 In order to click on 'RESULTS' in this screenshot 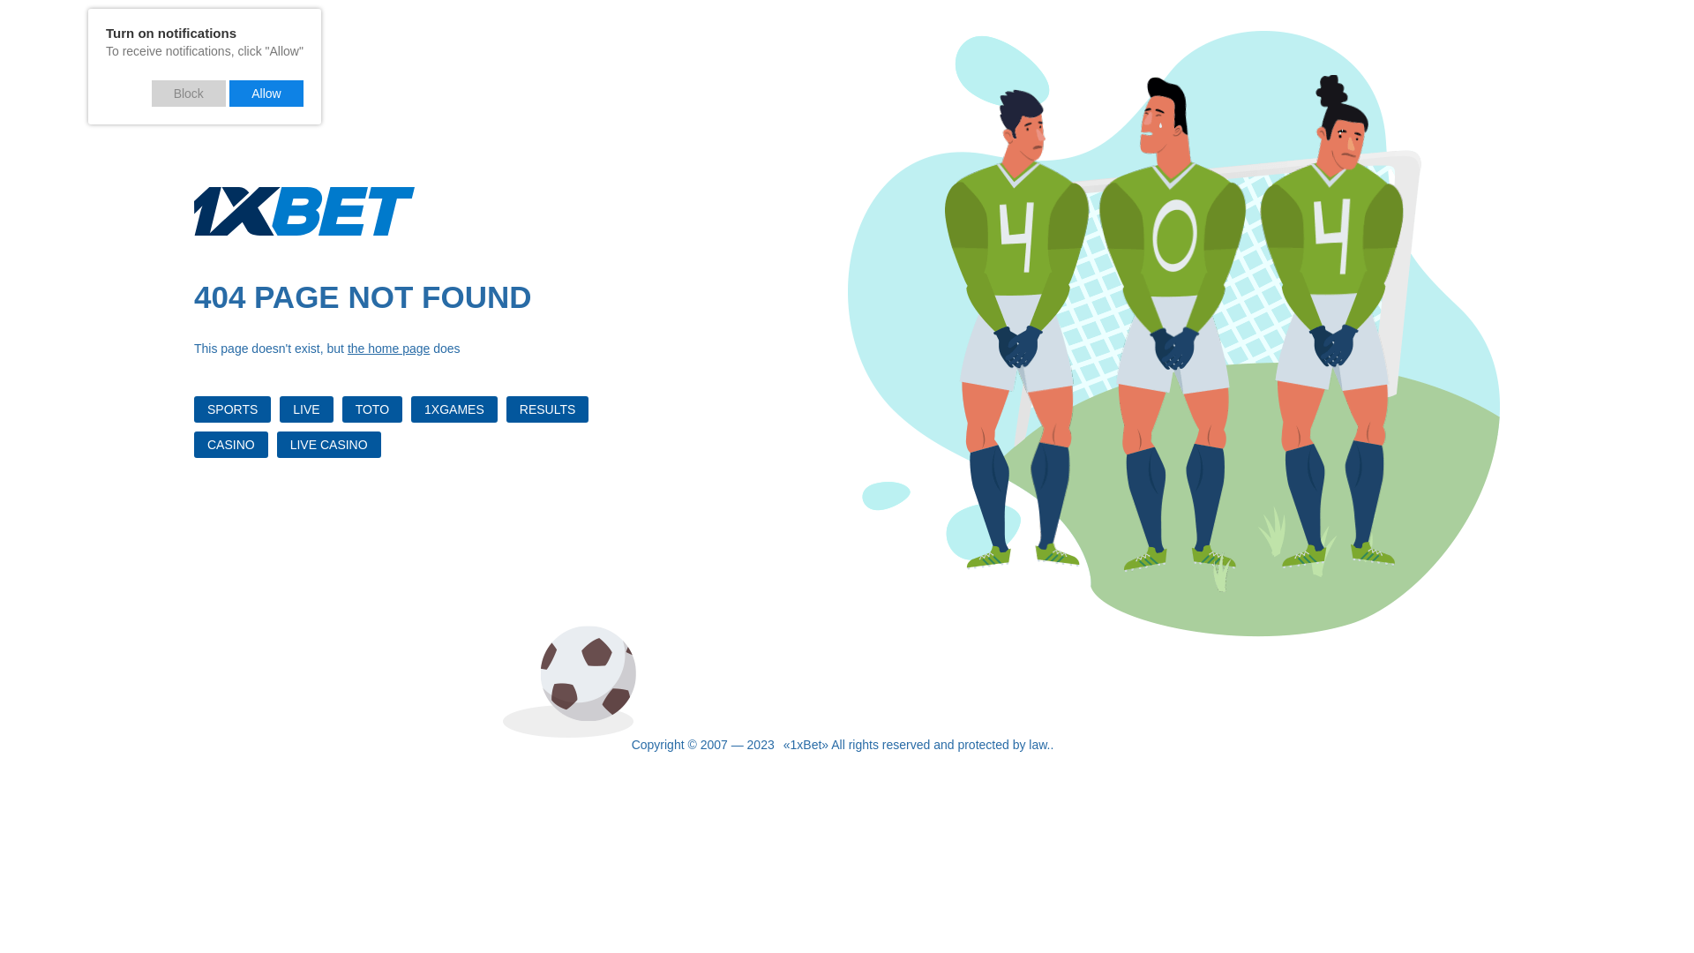, I will do `click(546, 409)`.